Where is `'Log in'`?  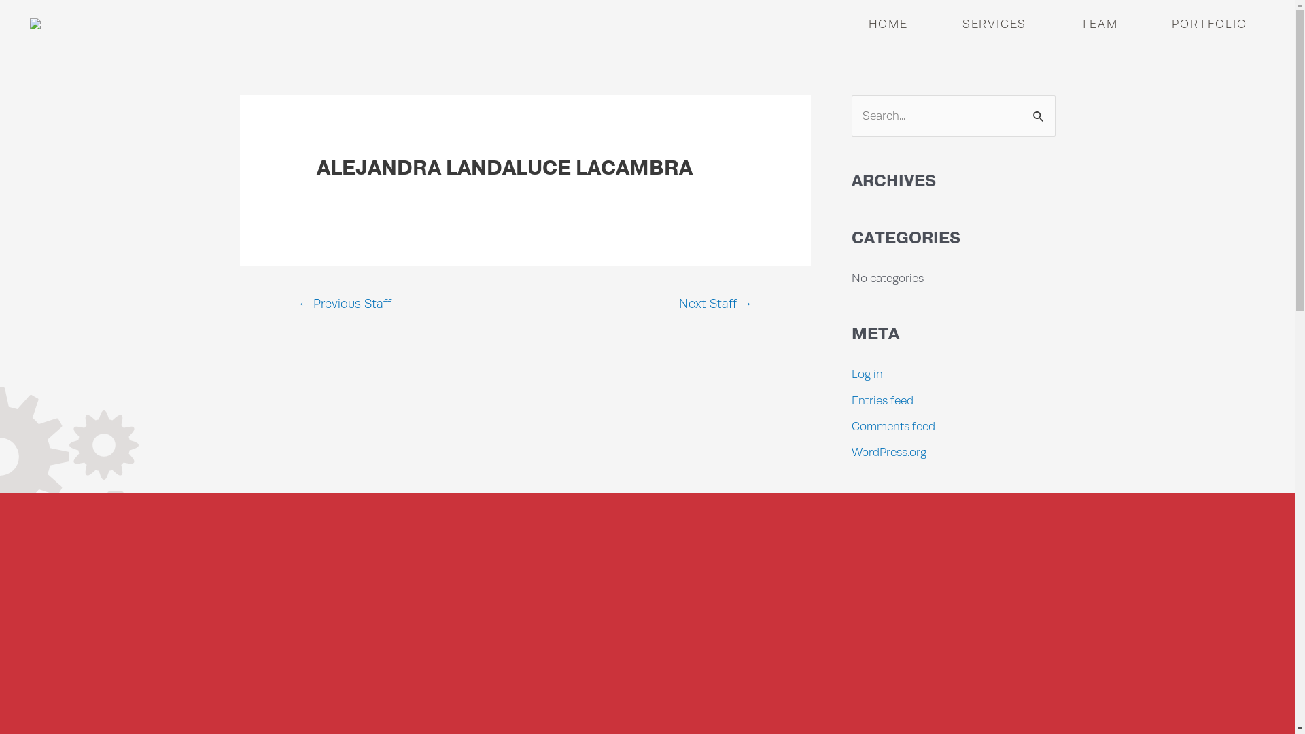
'Log in' is located at coordinates (866, 374).